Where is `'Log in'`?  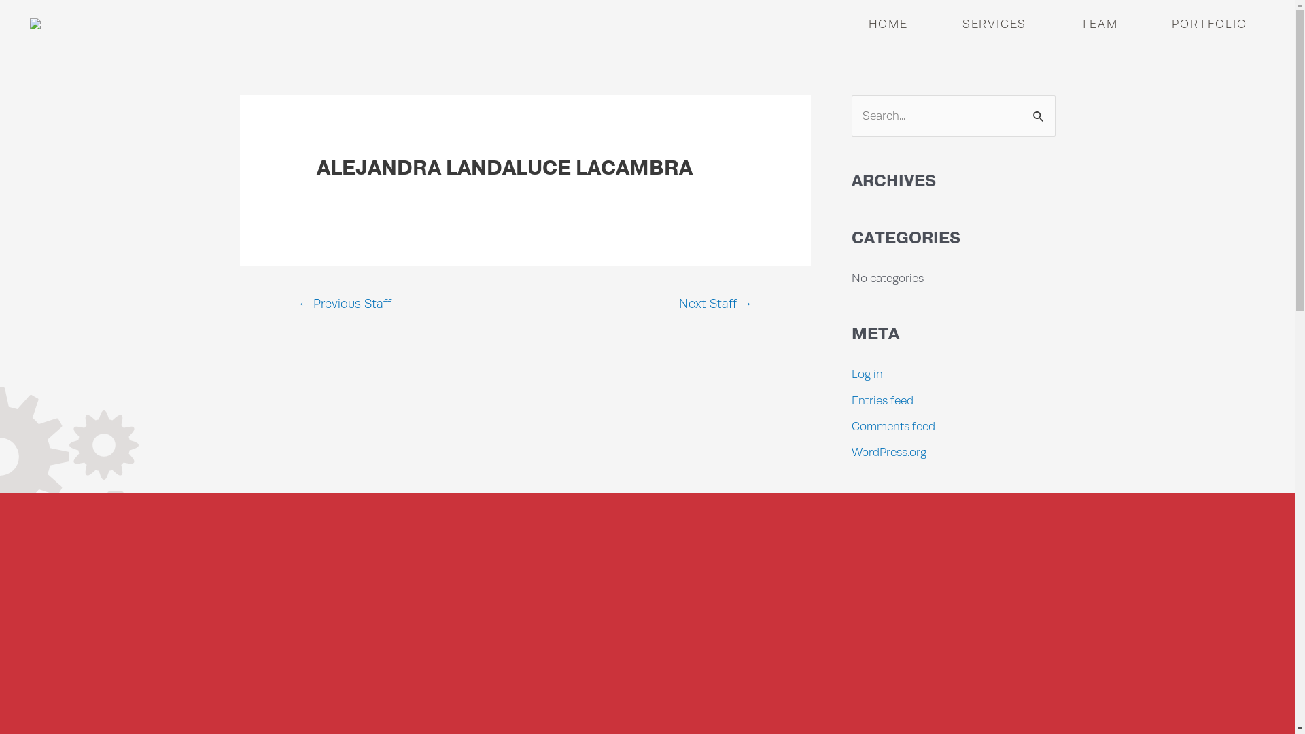
'Log in' is located at coordinates (866, 374).